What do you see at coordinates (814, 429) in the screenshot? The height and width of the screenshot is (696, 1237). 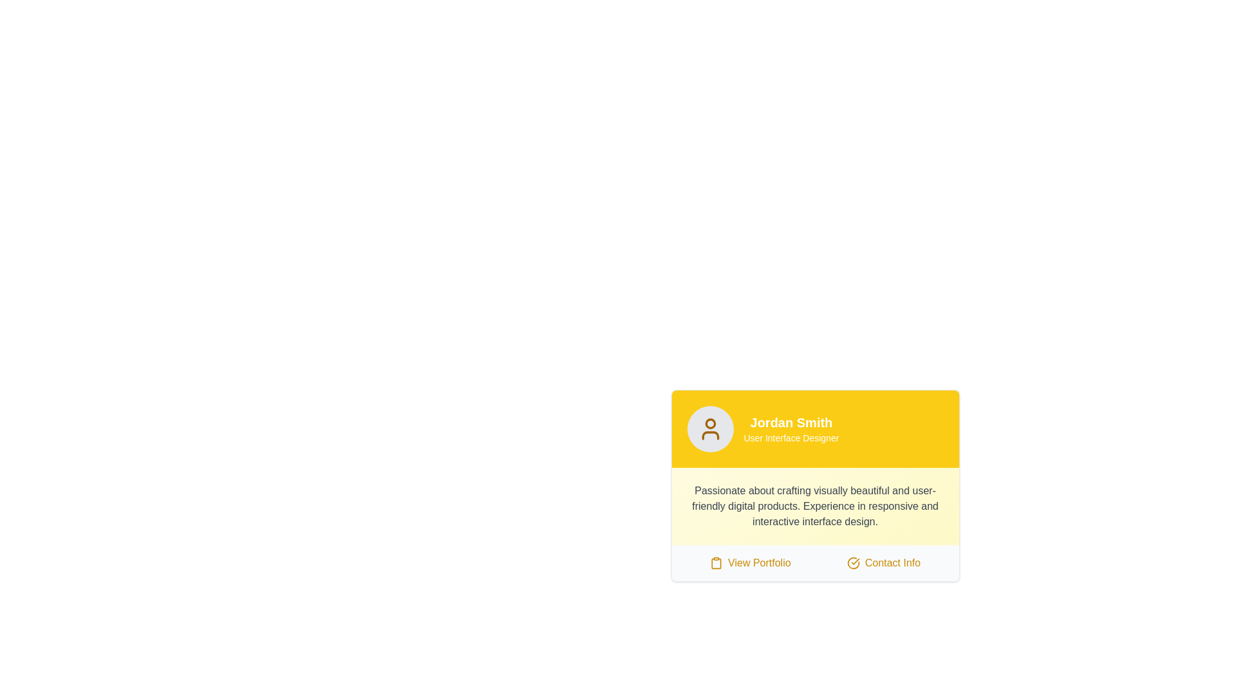 I see `the header section displaying 'Jordan Smith' and 'User Interface Designer' on a yellow background with a circular user profile icon` at bounding box center [814, 429].